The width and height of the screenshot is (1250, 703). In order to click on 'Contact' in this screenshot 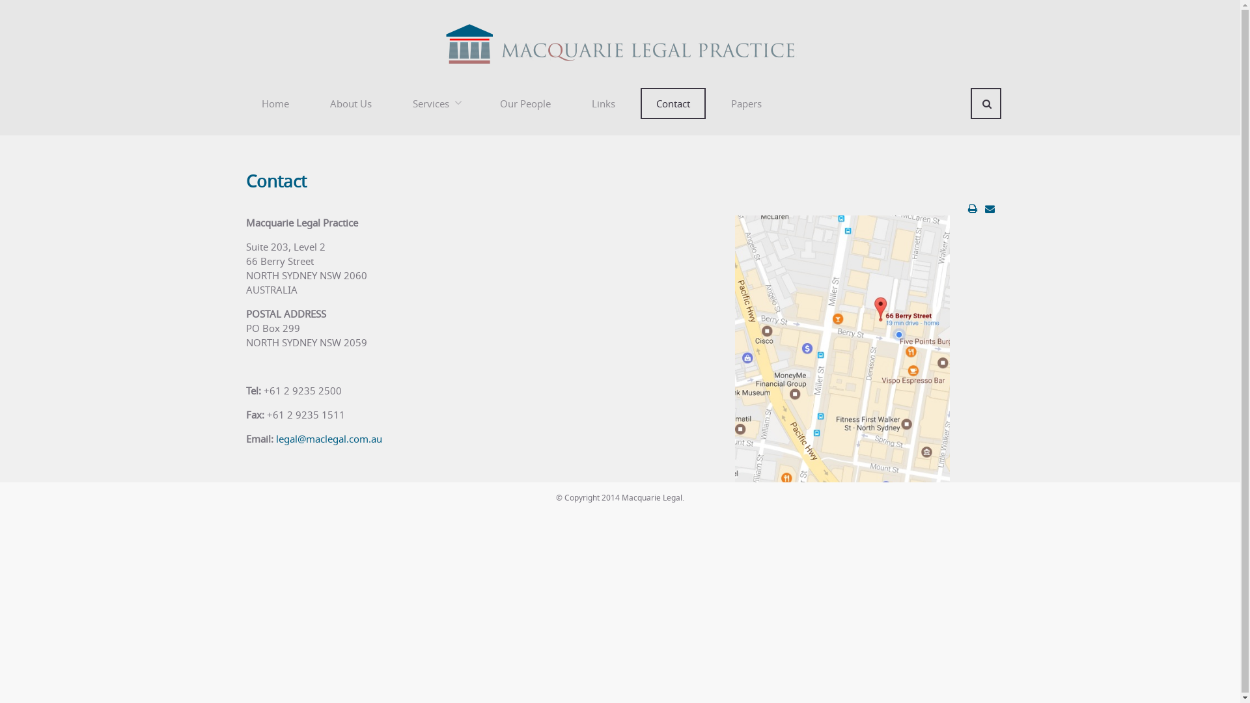, I will do `click(275, 180)`.